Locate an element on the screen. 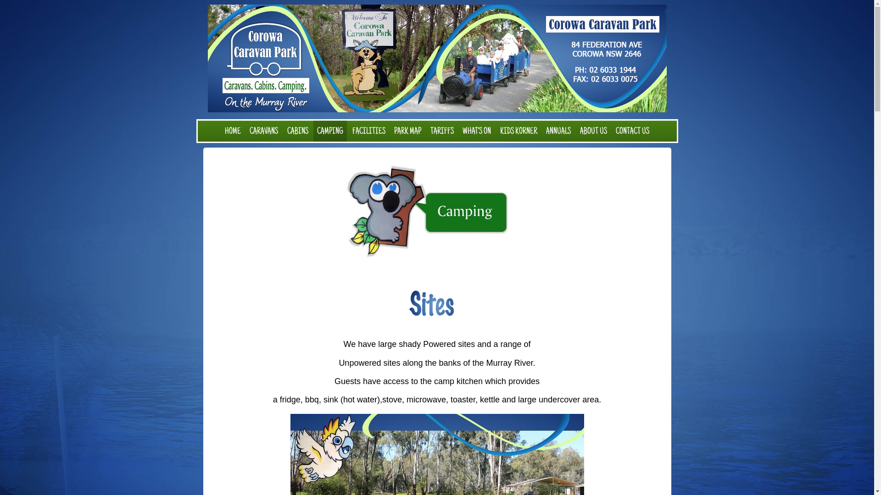 This screenshot has width=881, height=495. 'WHAT'S ON' is located at coordinates (458, 131).